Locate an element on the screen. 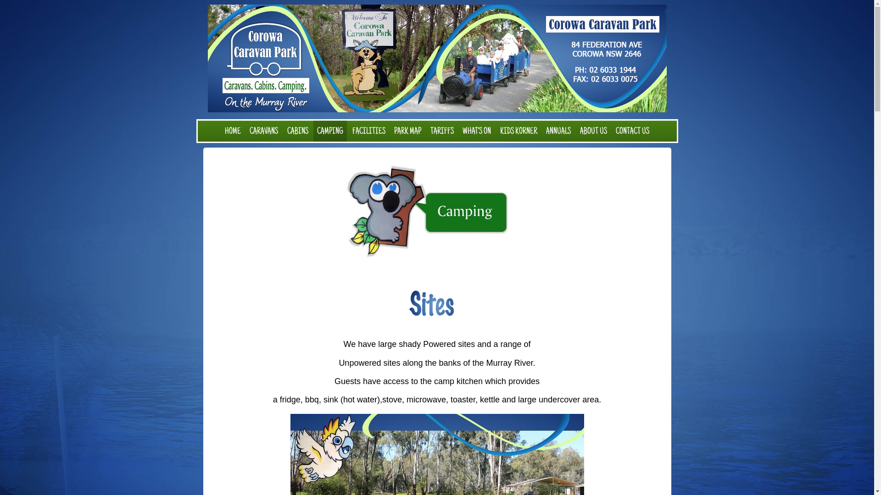 This screenshot has width=881, height=495. 'WHAT'S ON' is located at coordinates (458, 131).